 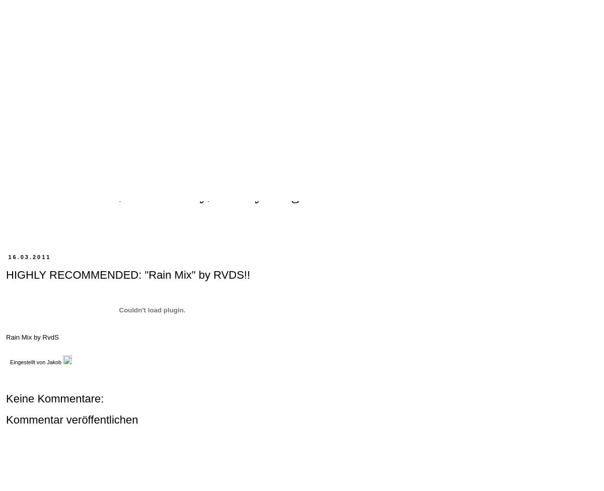 What do you see at coordinates (246, 183) in the screenshot?
I see `'The Final Manifest: Terpsiton and The VFMM are dead. No encore, no funeral, no obituary, no anything. This is it. Farewell!'` at bounding box center [246, 183].